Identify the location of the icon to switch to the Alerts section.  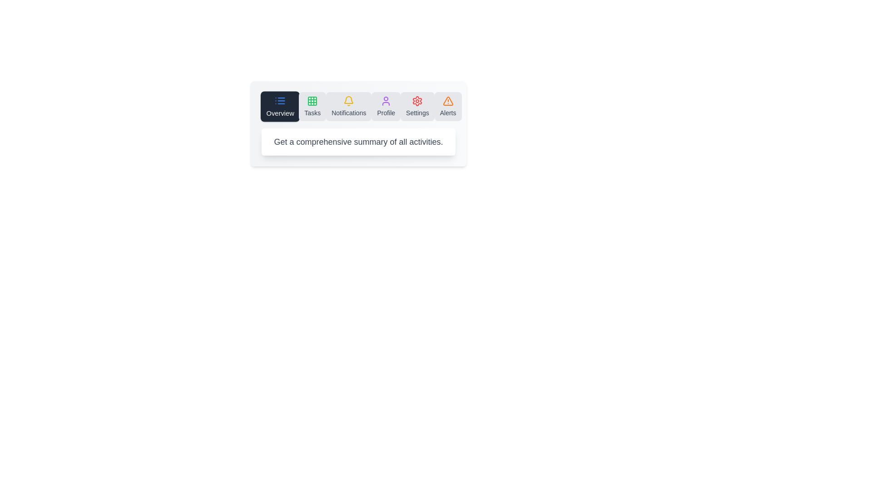
(447, 106).